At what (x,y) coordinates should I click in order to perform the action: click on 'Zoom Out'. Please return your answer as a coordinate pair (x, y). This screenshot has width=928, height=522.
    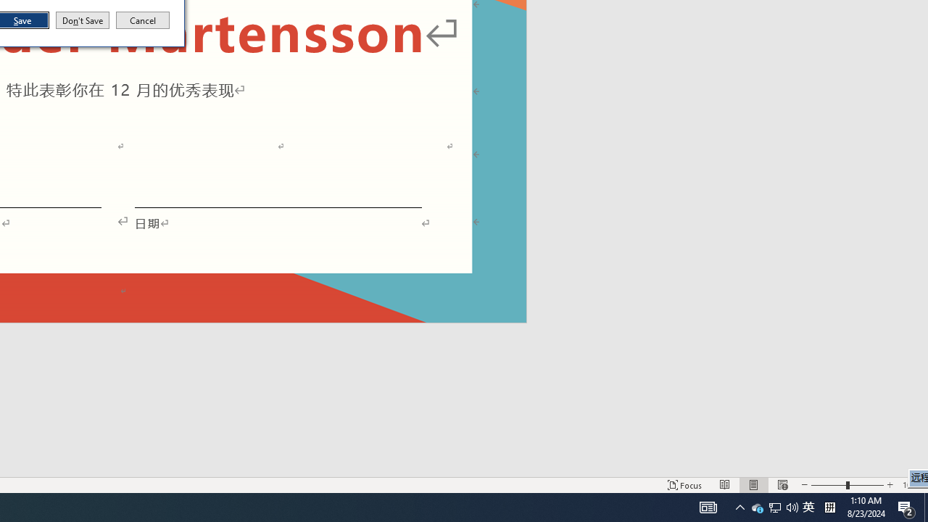
    Looking at the image, I should click on (829, 485).